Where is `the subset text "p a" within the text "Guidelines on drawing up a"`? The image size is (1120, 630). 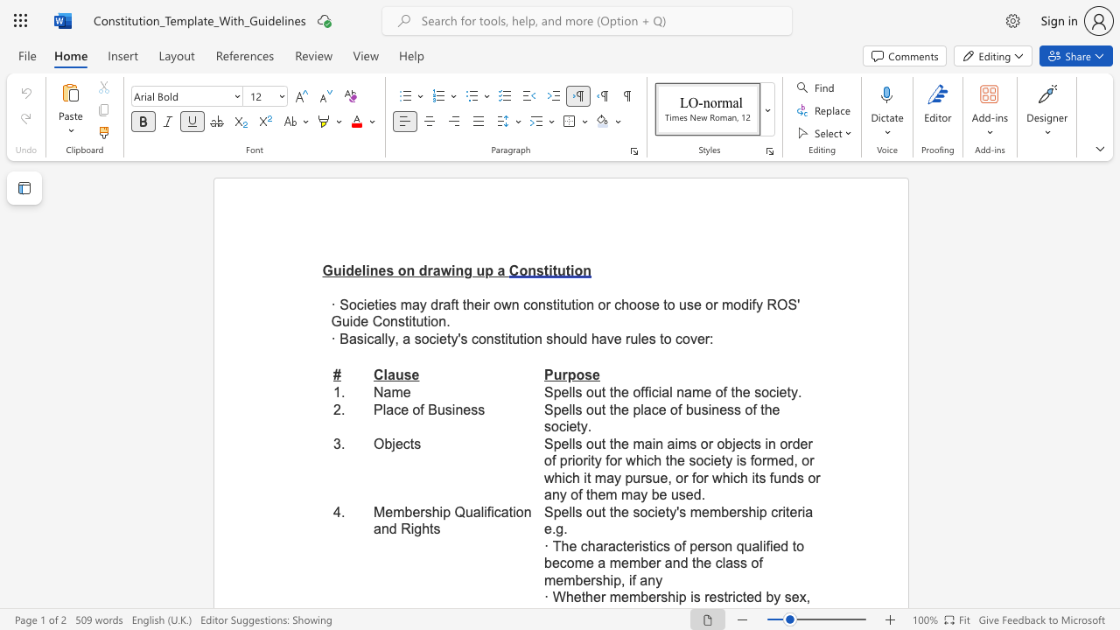
the subset text "p a" within the text "Guidelines on drawing up a" is located at coordinates (485, 270).